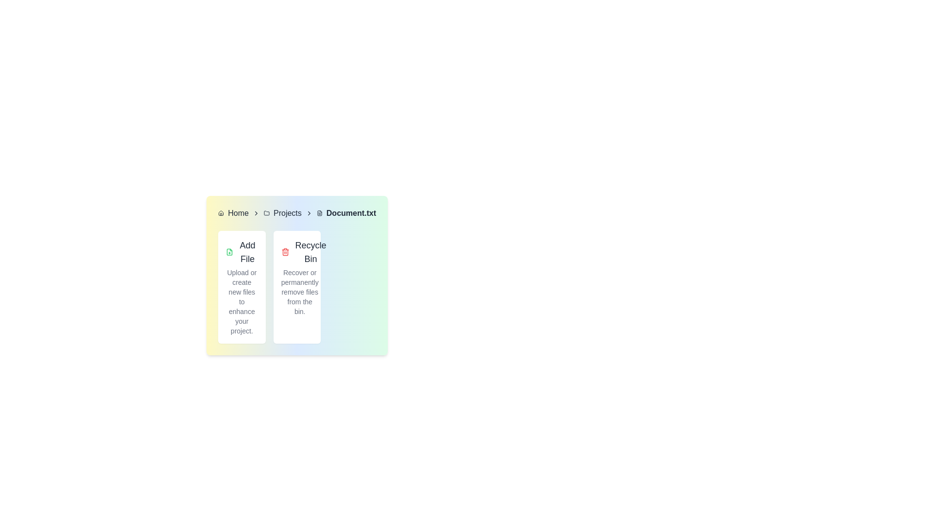 Image resolution: width=933 pixels, height=525 pixels. Describe the element at coordinates (304, 252) in the screenshot. I see `the 'Recycle Bin' label, which is a text label next to a red trash bin icon` at that location.